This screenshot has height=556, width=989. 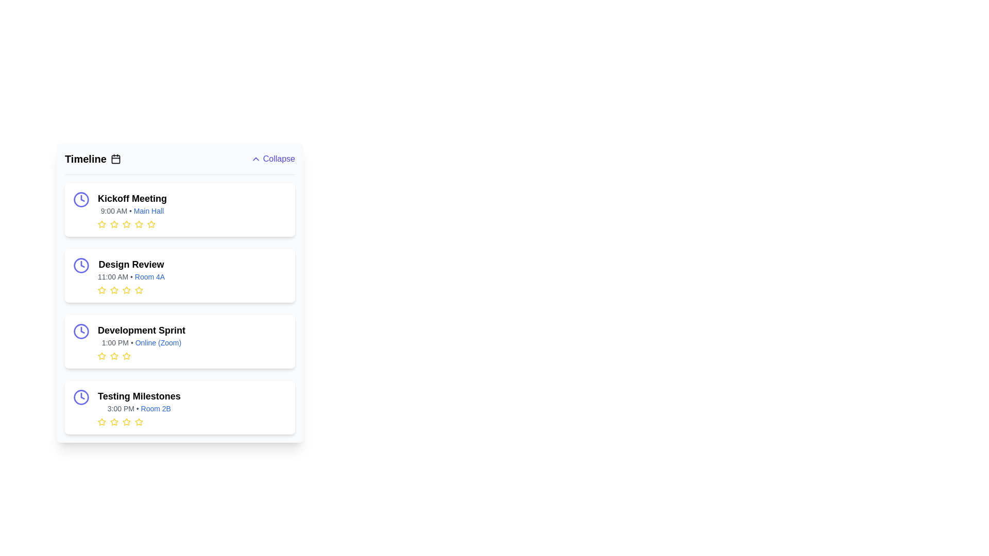 What do you see at coordinates (101, 355) in the screenshot?
I see `the yellow five-pointed star with a hollow center, which is the leftmost star in the row under the 'Development Sprint' entry in the timeline list` at bounding box center [101, 355].